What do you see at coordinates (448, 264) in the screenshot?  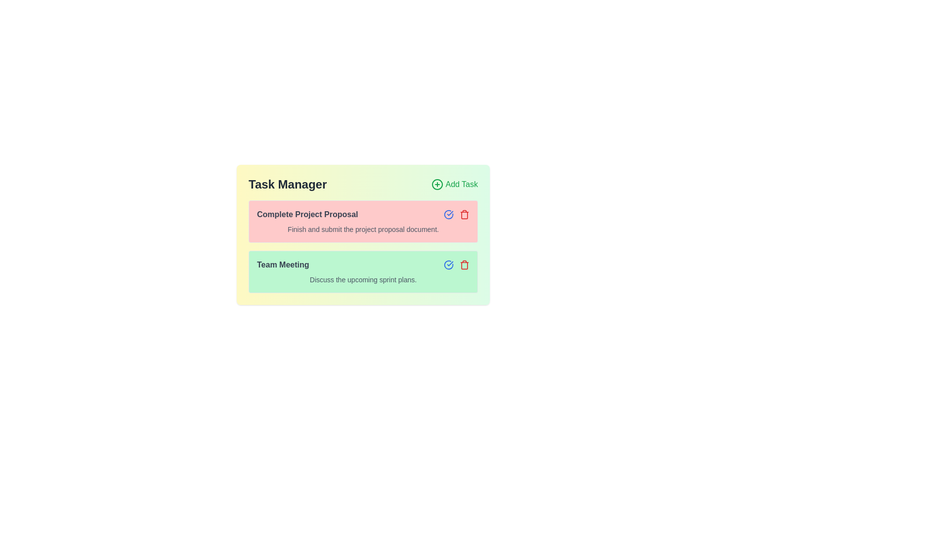 I see `the blue circular icon with a checkmark symbol to mark the task as complete, located to the right of the 'Team Meeting' task description in the green highlighted task section under 'Task Manager'` at bounding box center [448, 264].